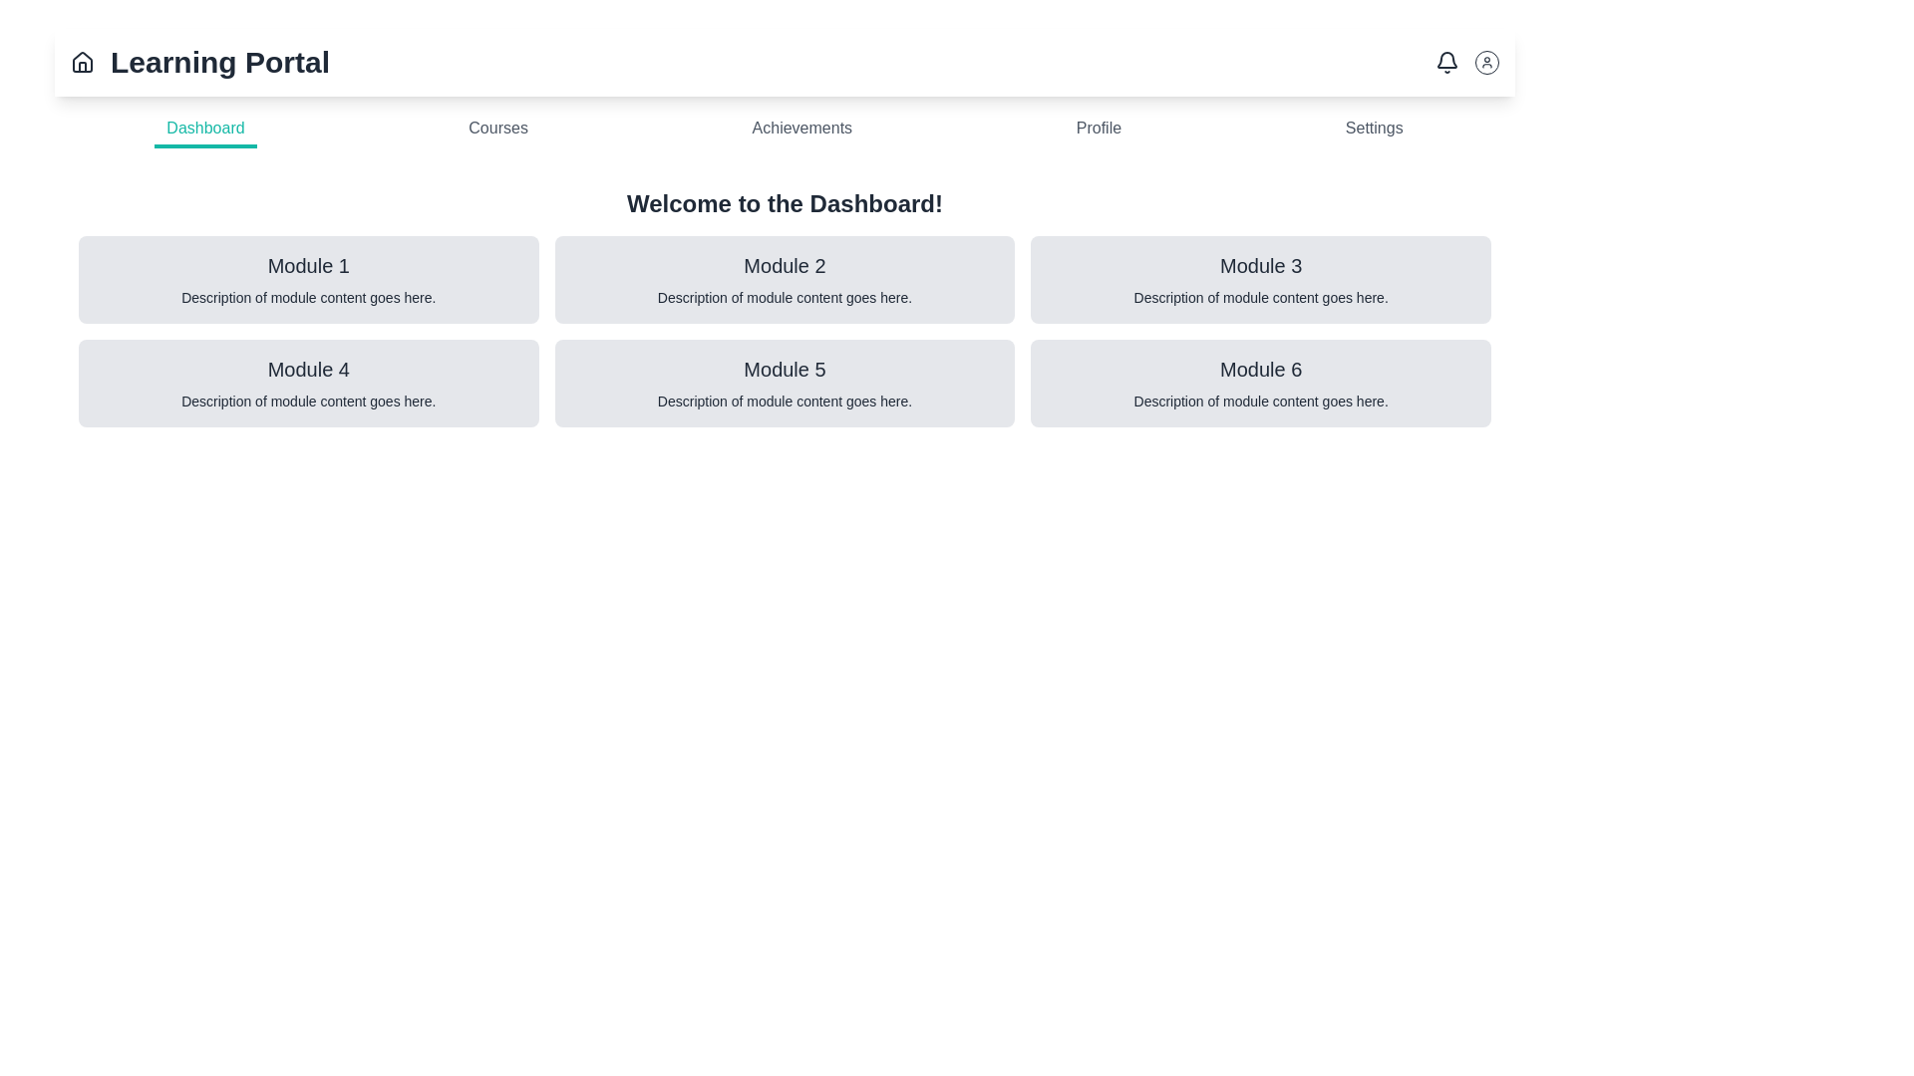 The image size is (1914, 1076). What do you see at coordinates (784, 369) in the screenshot?
I see `the text label displaying 'Module 5', which is styled with extra-large dark font against a light background, located at the center-right of the bottom row in the grid layout on the 'Dashboard' page` at bounding box center [784, 369].